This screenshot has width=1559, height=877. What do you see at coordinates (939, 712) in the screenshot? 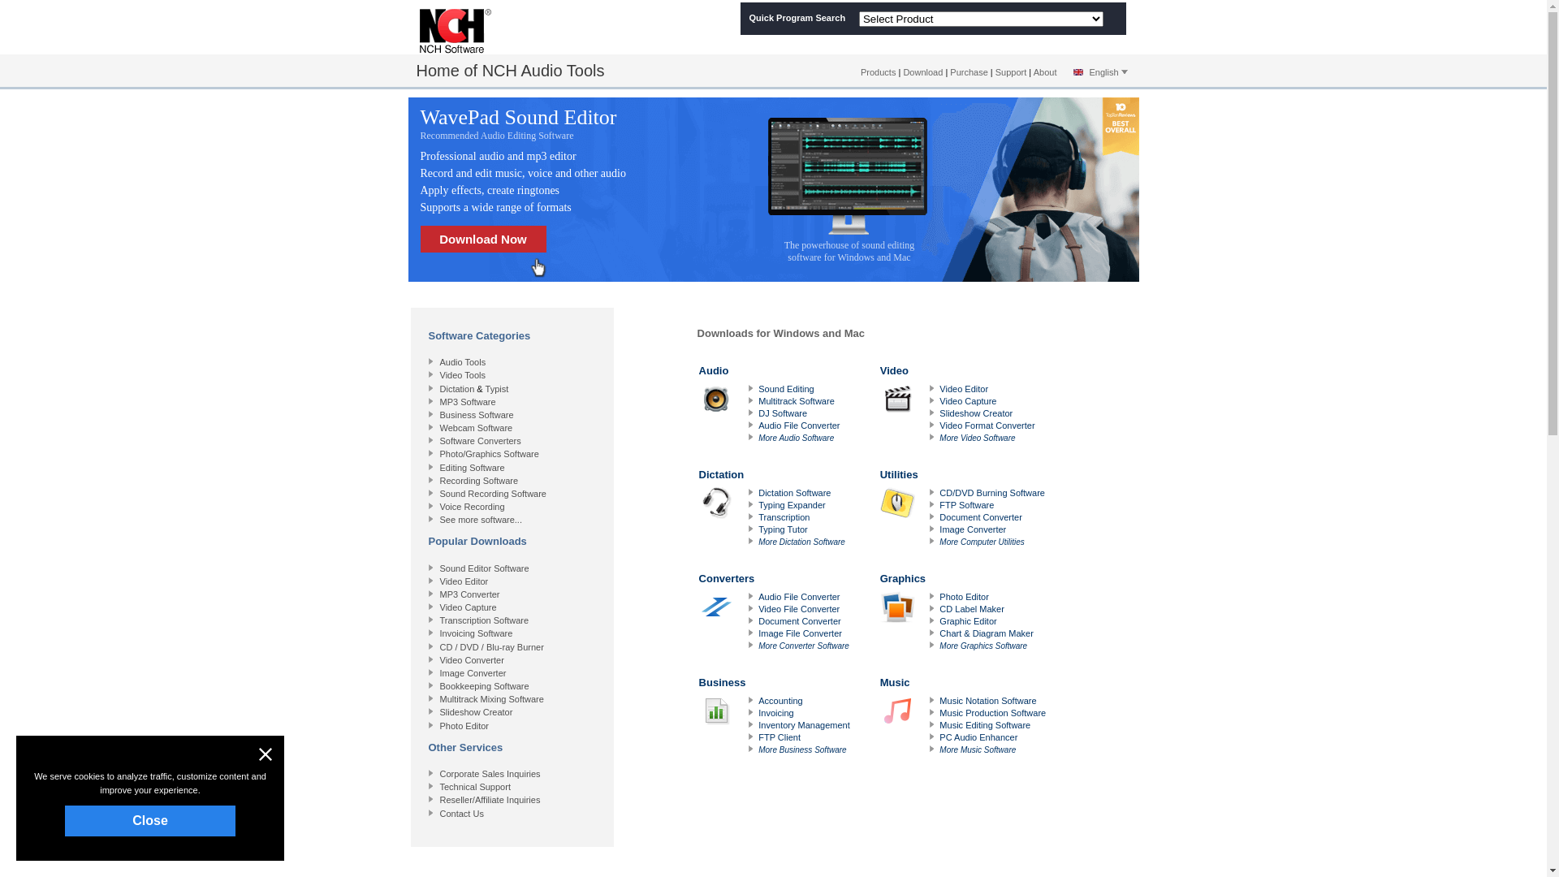
I see `'Music Production Software'` at bounding box center [939, 712].